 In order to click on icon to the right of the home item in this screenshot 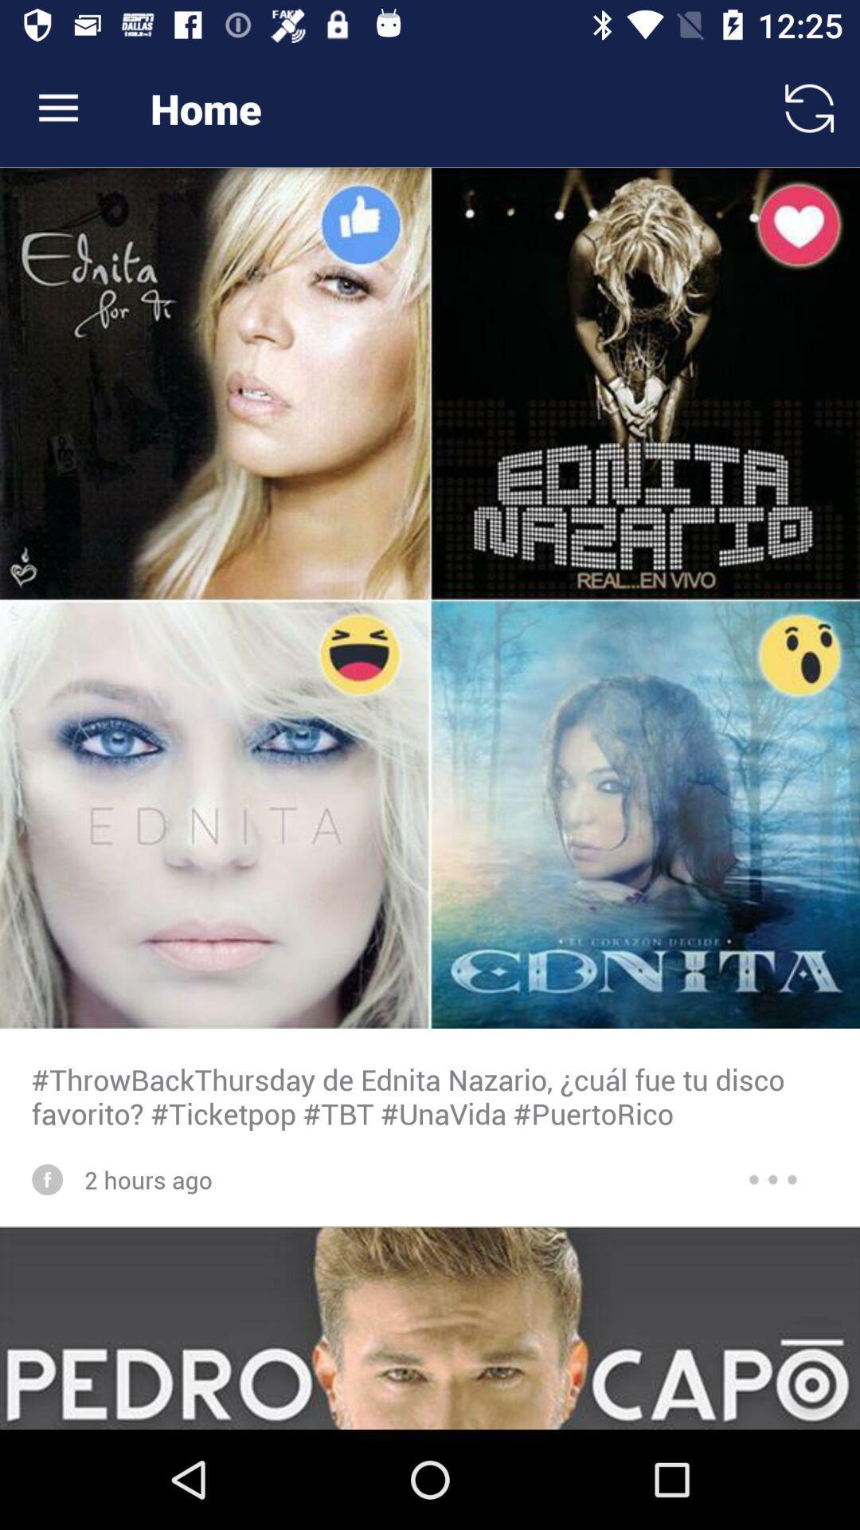, I will do `click(810, 108)`.